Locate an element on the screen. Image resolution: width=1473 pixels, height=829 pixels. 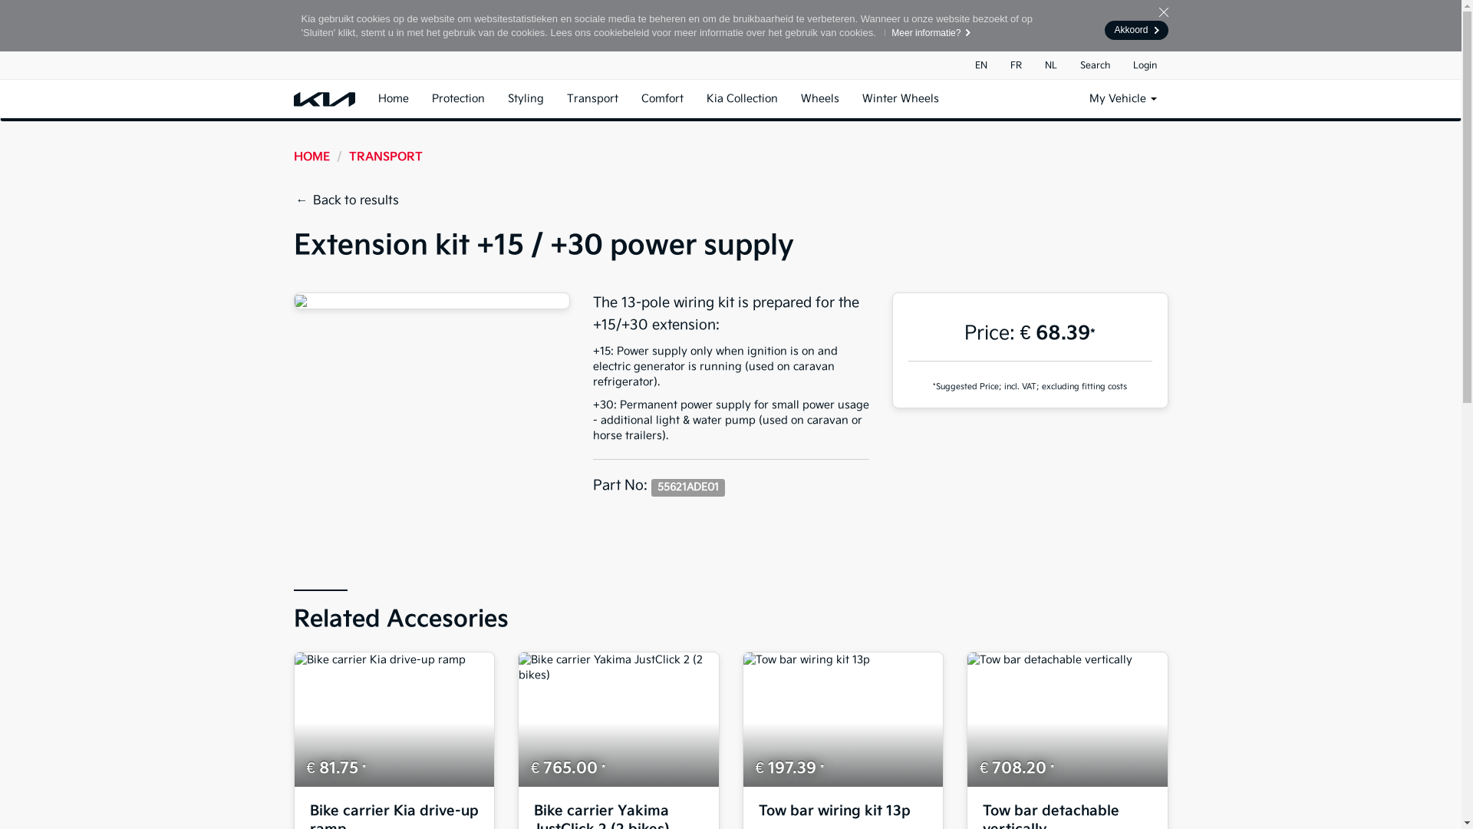
'Styling' is located at coordinates (525, 98).